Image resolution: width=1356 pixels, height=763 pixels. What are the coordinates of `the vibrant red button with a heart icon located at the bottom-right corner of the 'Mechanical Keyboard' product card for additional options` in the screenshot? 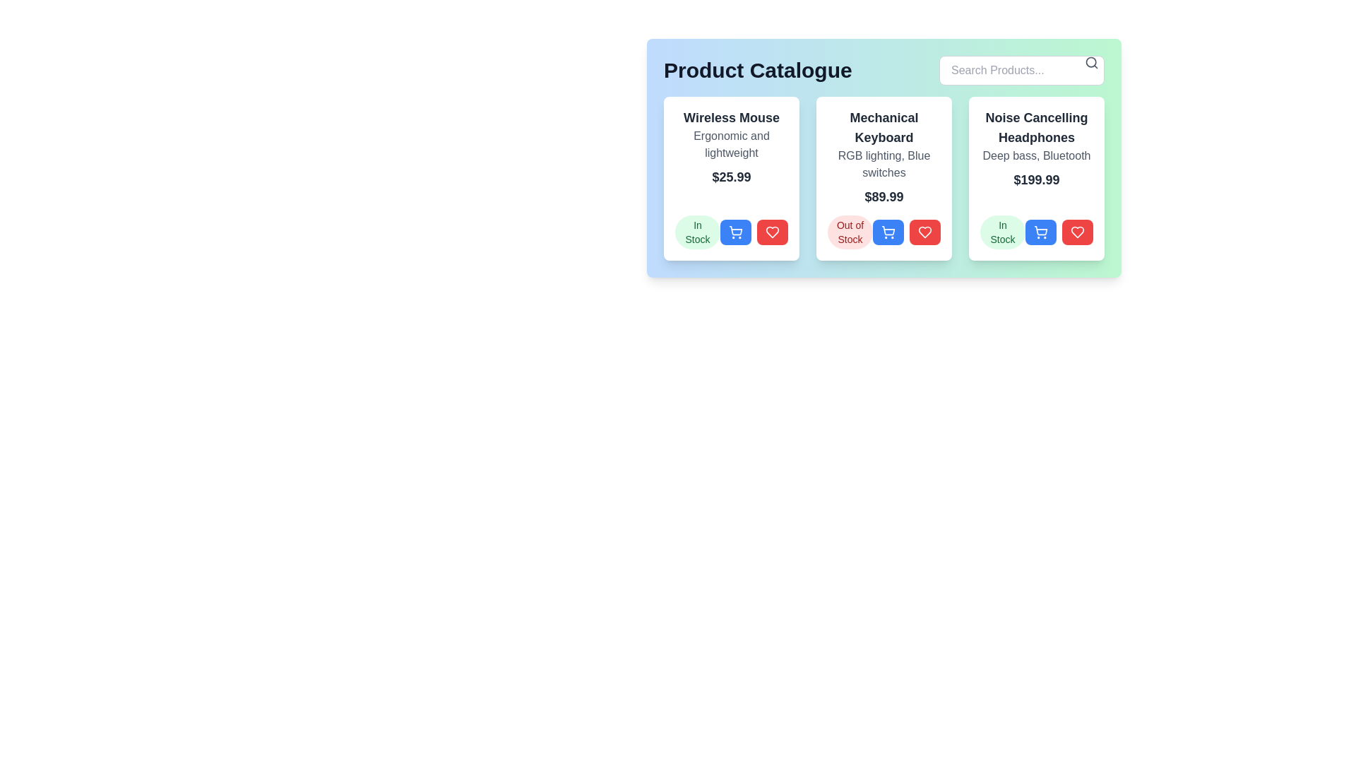 It's located at (925, 231).